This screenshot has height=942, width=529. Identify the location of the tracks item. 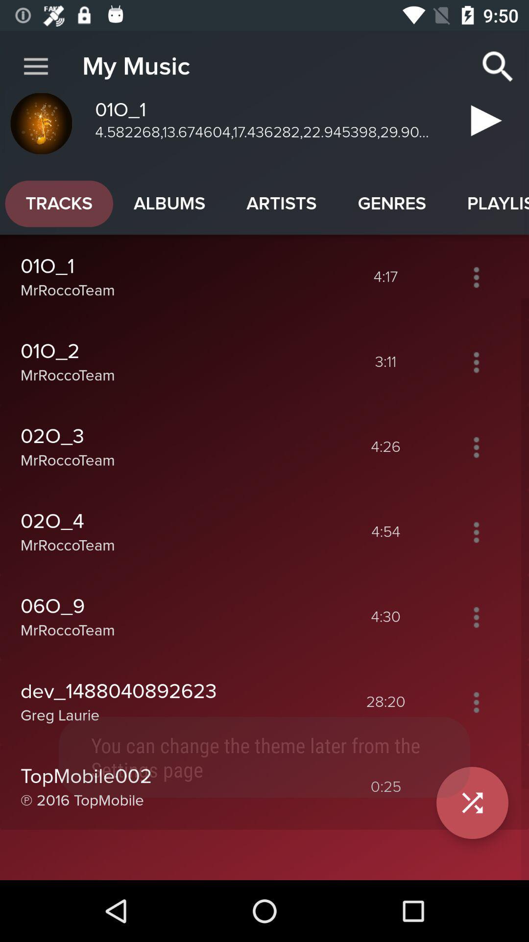
(59, 203).